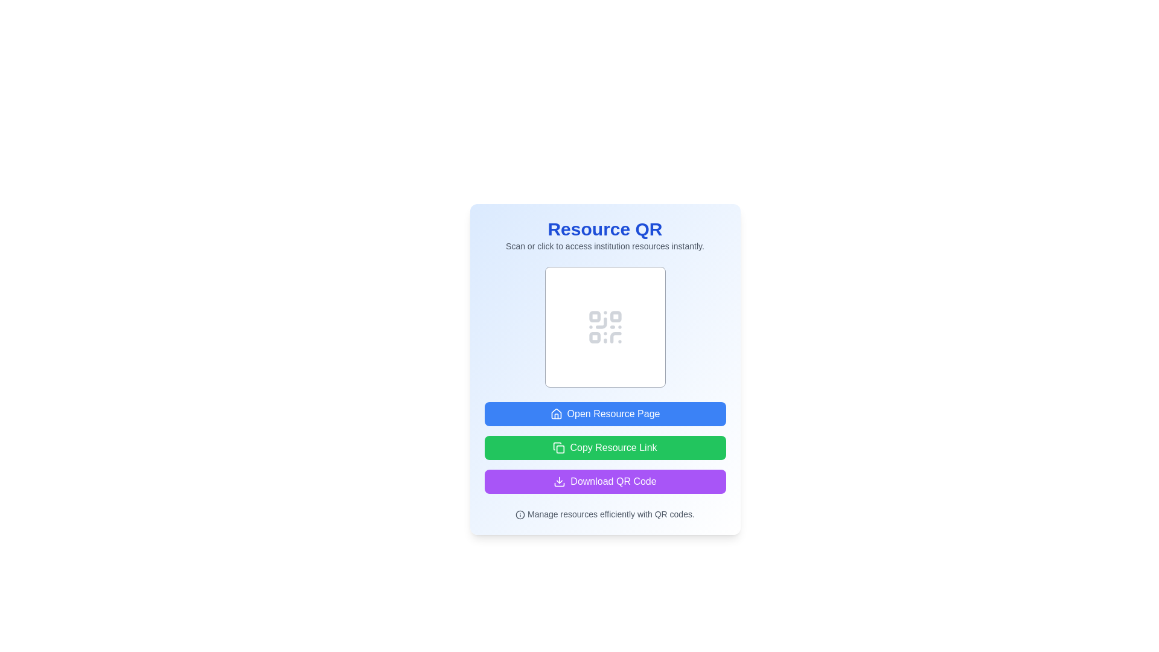  What do you see at coordinates (605, 447) in the screenshot?
I see `the button located below the 'Open Resource Page' button and above the 'Download QR Code' button to copy the resource link to the clipboard` at bounding box center [605, 447].